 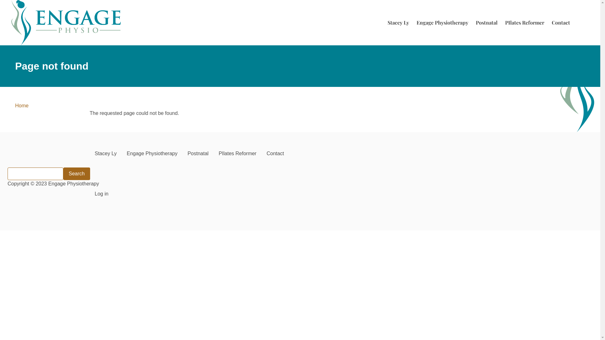 What do you see at coordinates (213, 154) in the screenshot?
I see `'PIlates Reformer'` at bounding box center [213, 154].